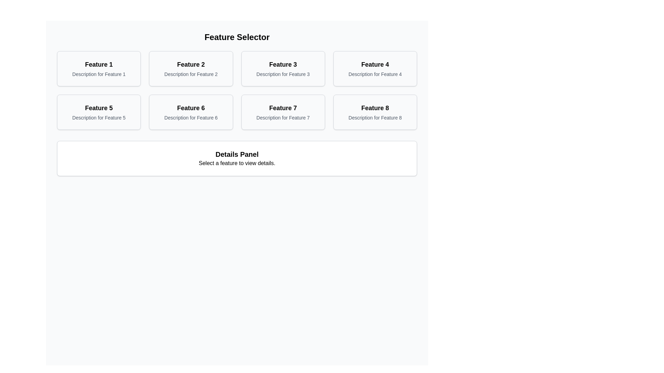 The image size is (664, 373). What do you see at coordinates (99, 117) in the screenshot?
I see `the text element displaying 'Description for Feature 5', which is located below the bold title 'Feature 5' in a bordered rectangular area` at bounding box center [99, 117].